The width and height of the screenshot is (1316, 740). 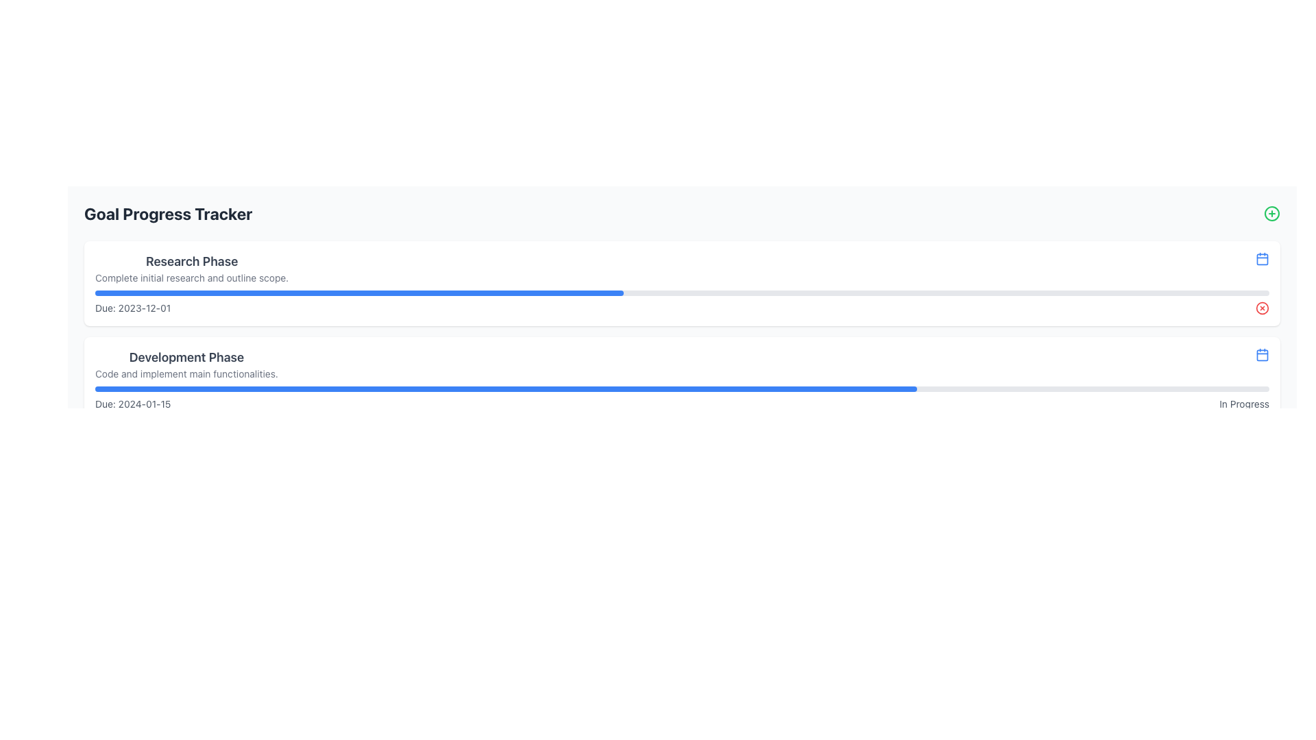 I want to click on the 'Goal Progress Tracker' text label, so click(x=167, y=214).